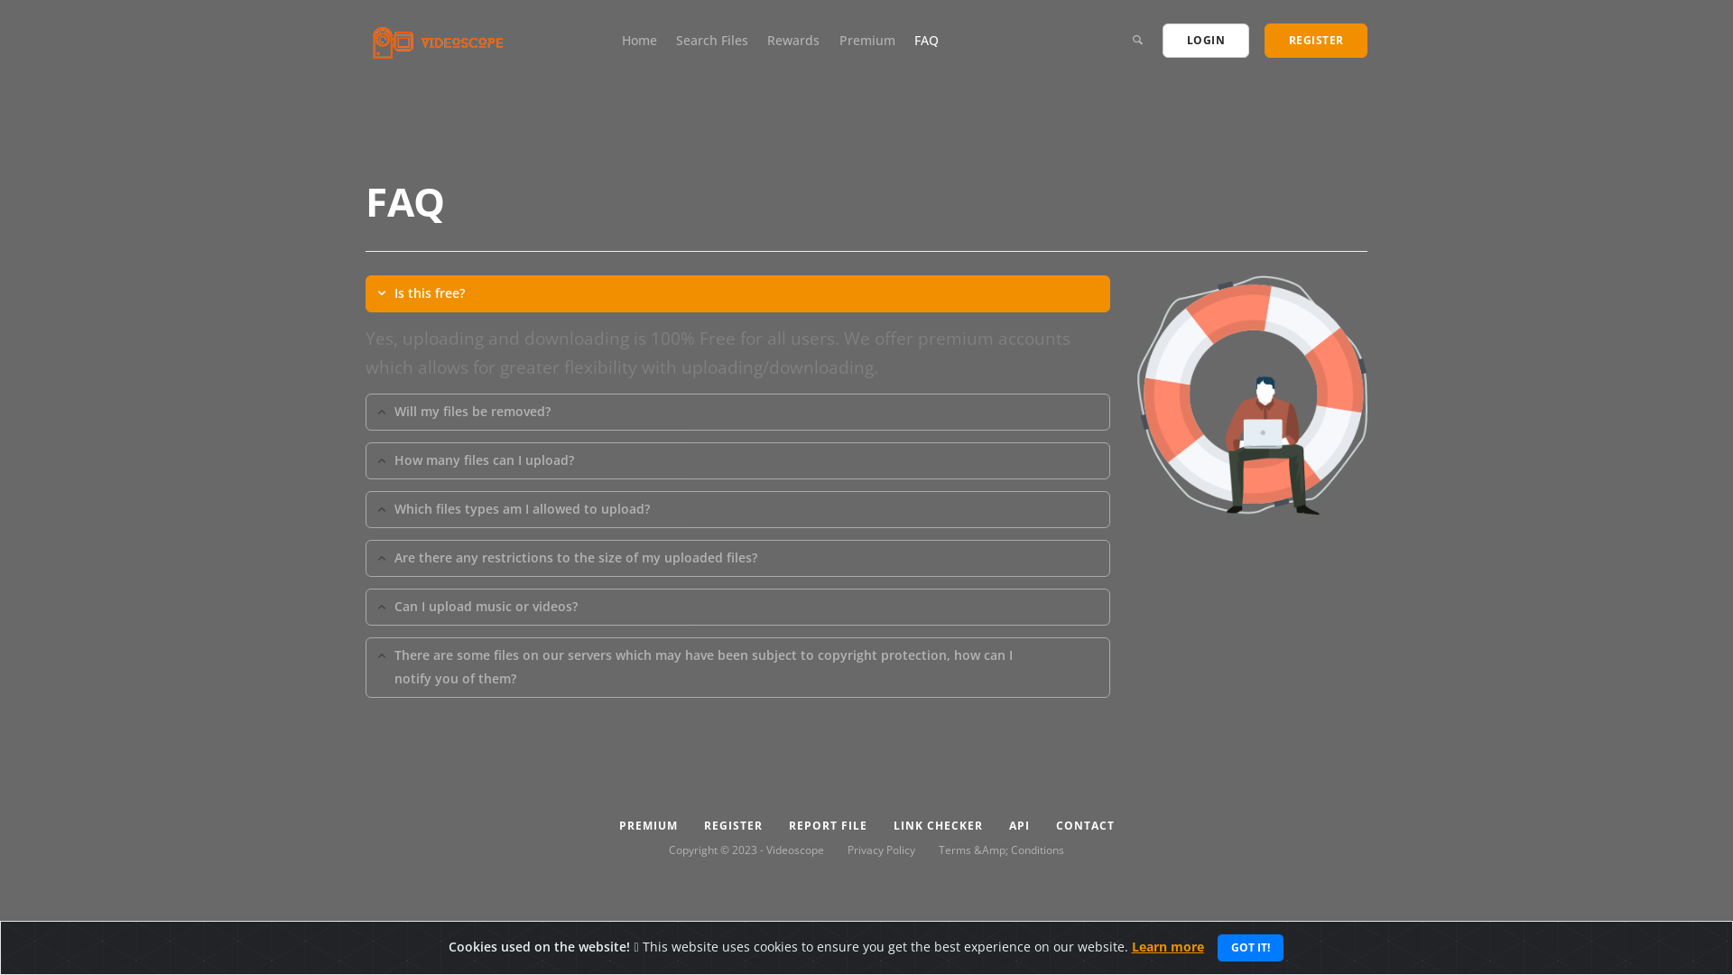 The width and height of the screenshot is (1733, 975). What do you see at coordinates (1168, 945) in the screenshot?
I see `'Learn more'` at bounding box center [1168, 945].